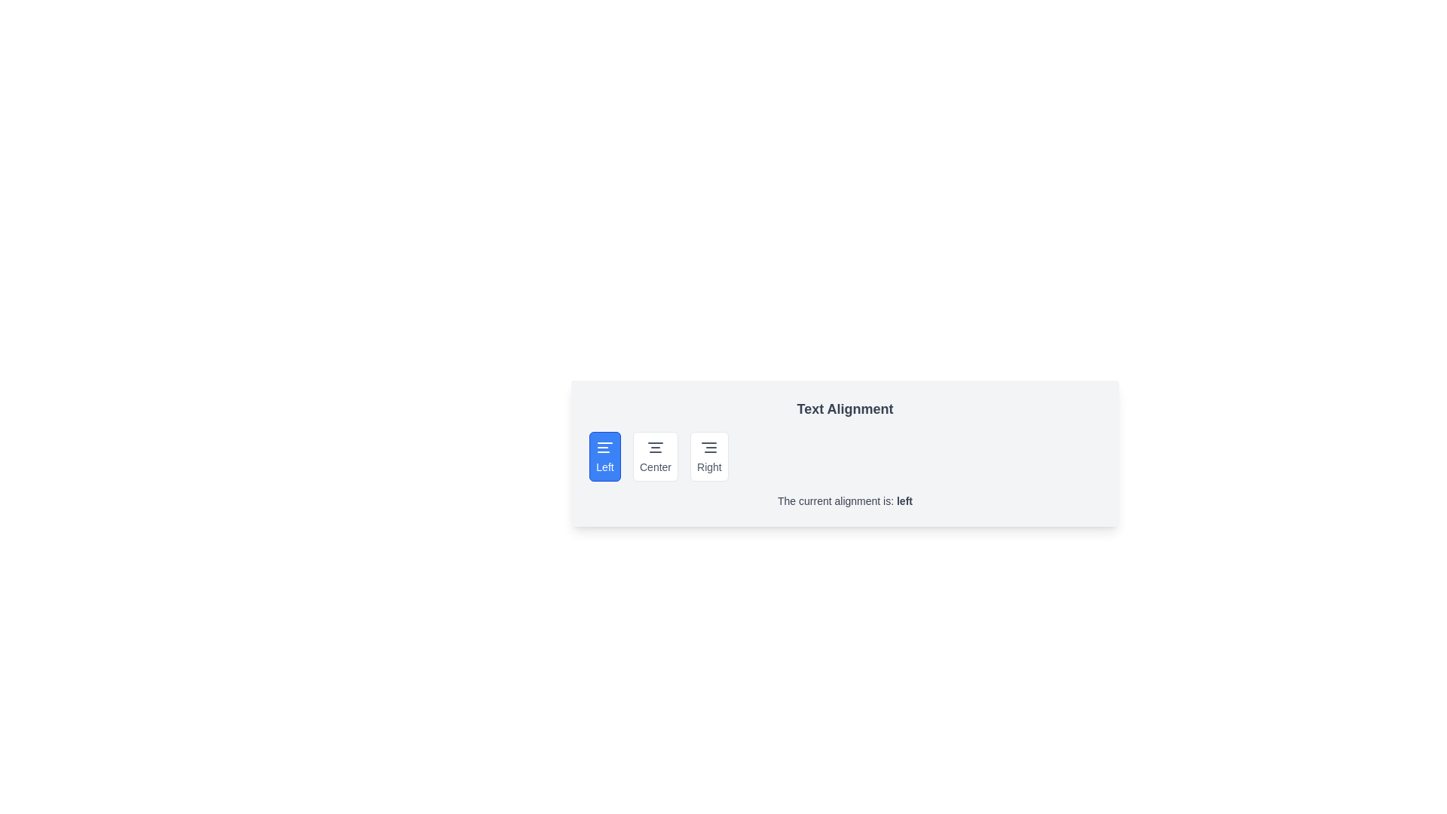 The image size is (1447, 814). I want to click on the alignment button labeled Center to observe visual feedback, so click(655, 455).